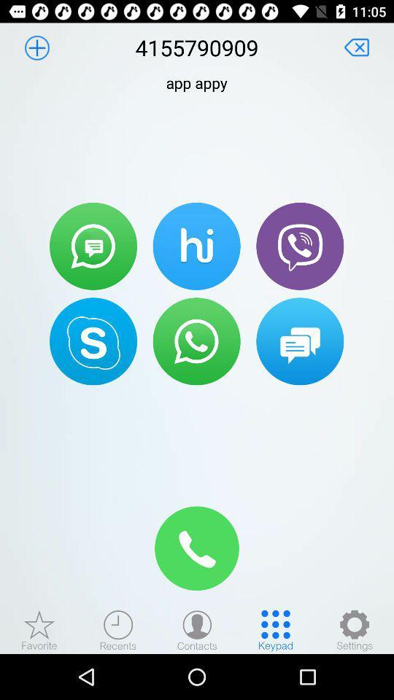  Describe the element at coordinates (299, 246) in the screenshot. I see `press to contact` at that location.